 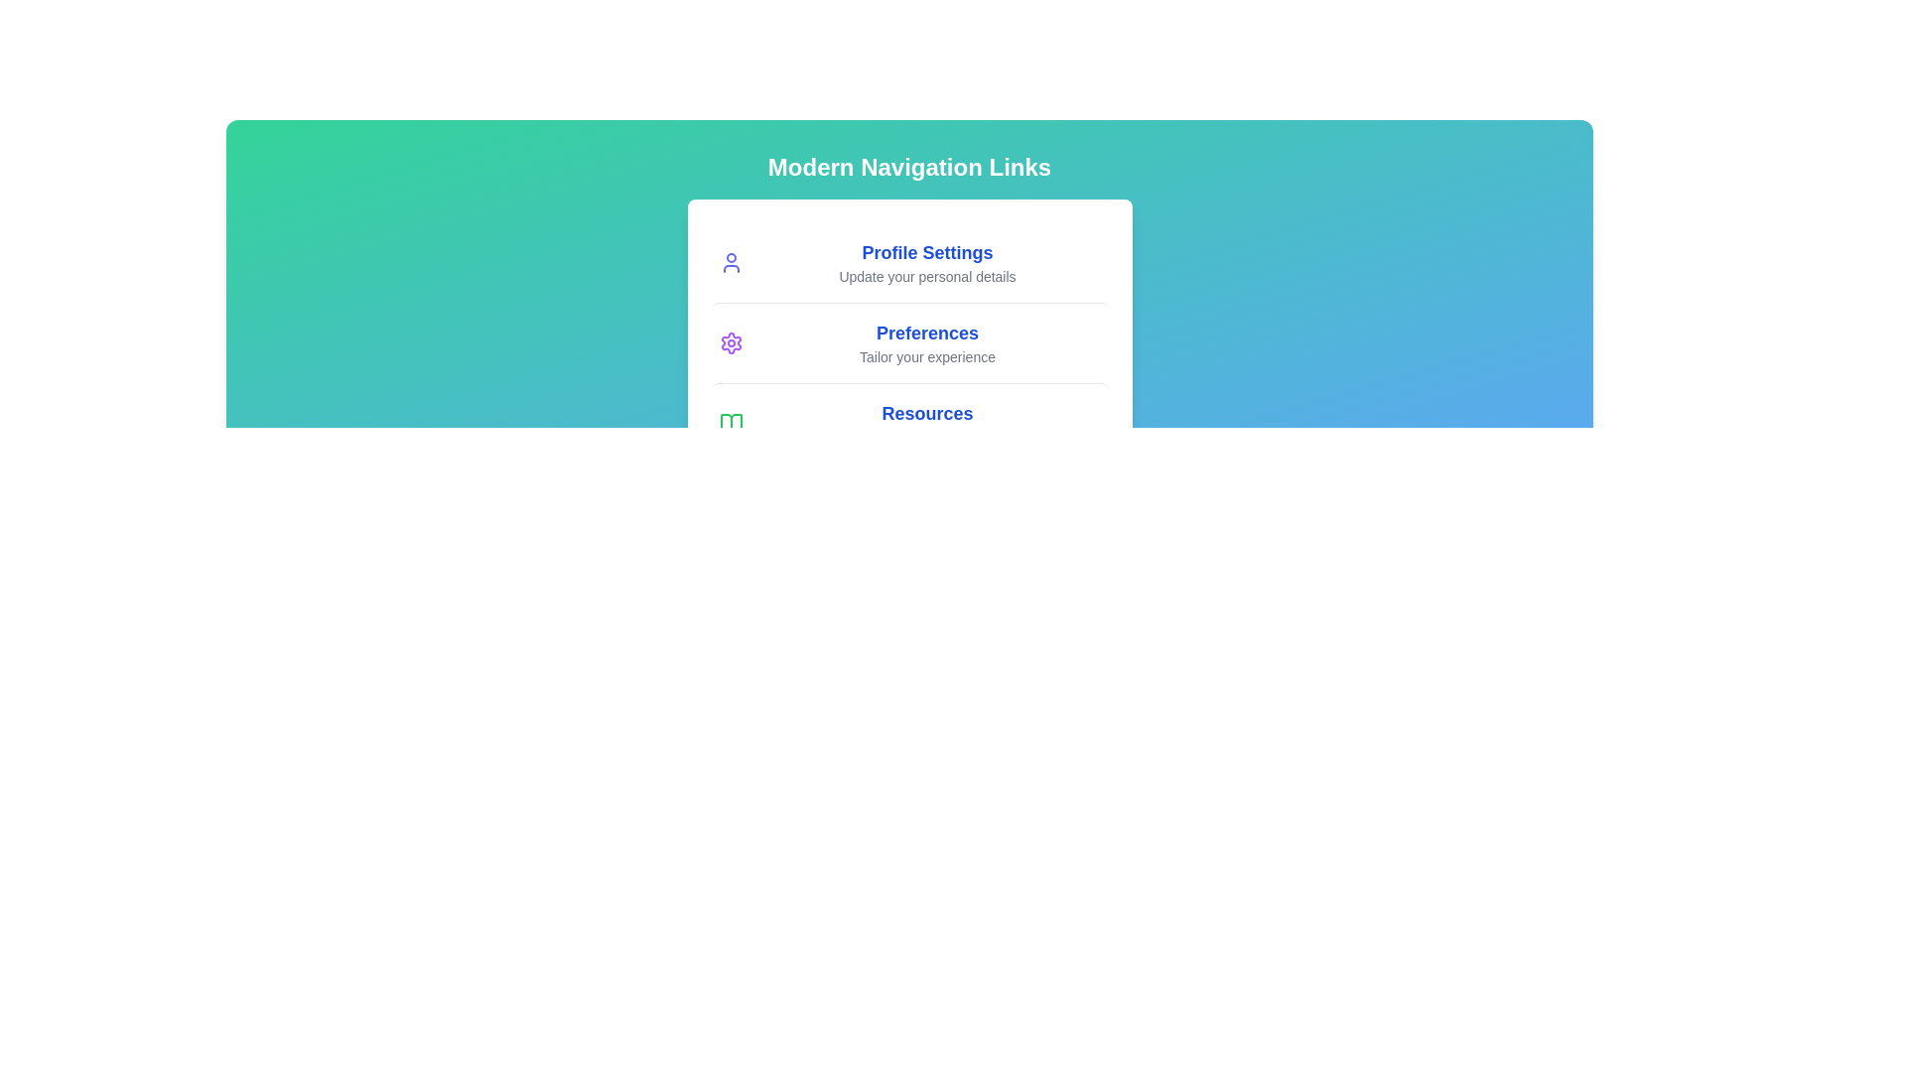 What do you see at coordinates (926, 355) in the screenshot?
I see `the Informational text label located below the 'Preferences' text element to potentially see additional styling changes` at bounding box center [926, 355].